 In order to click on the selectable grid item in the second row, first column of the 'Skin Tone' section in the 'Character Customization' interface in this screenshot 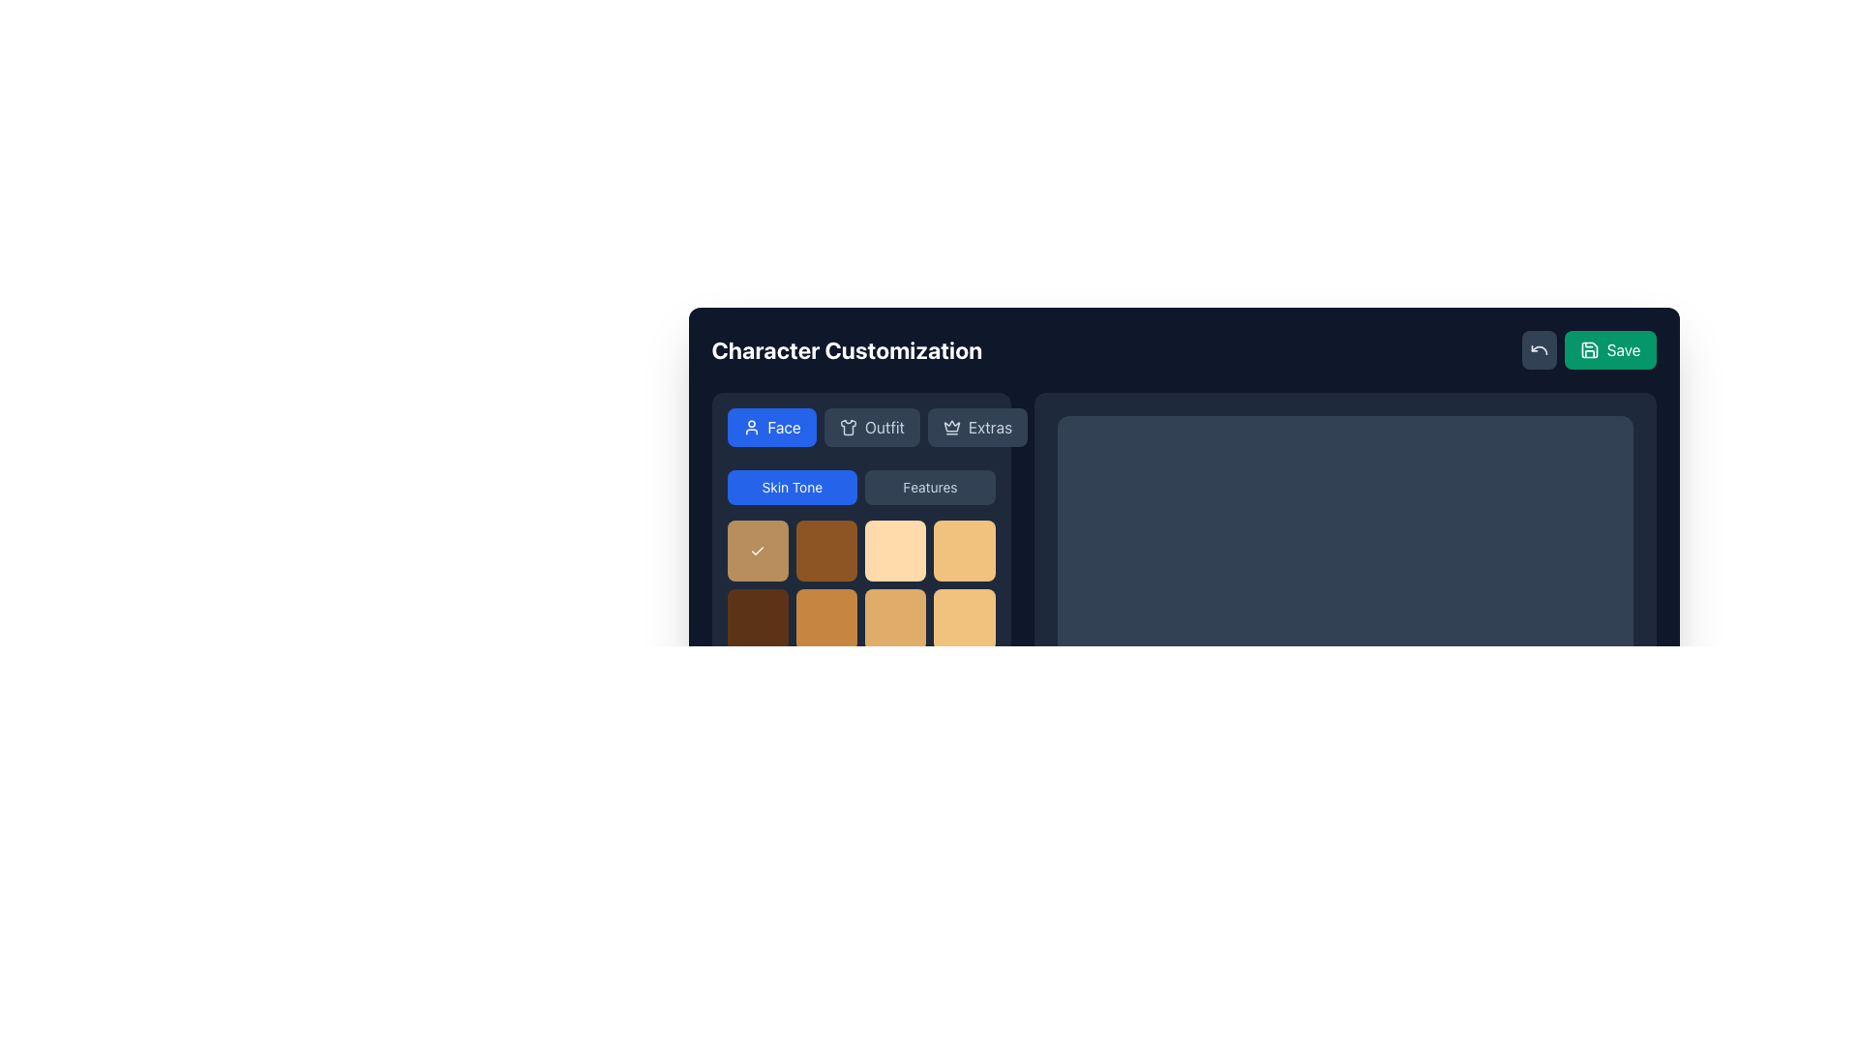, I will do `click(757, 619)`.